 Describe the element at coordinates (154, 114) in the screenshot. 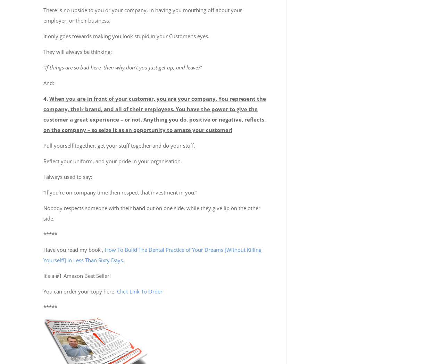

I see `'When you are in front of your customer, you are your company. You represent the company, their brand, and all of their employees. You have the power to give the customer a great experience – or not. Anything you do, positive or negative, reflects on the company – so seize it as an opportunity to amaze your customer!'` at that location.